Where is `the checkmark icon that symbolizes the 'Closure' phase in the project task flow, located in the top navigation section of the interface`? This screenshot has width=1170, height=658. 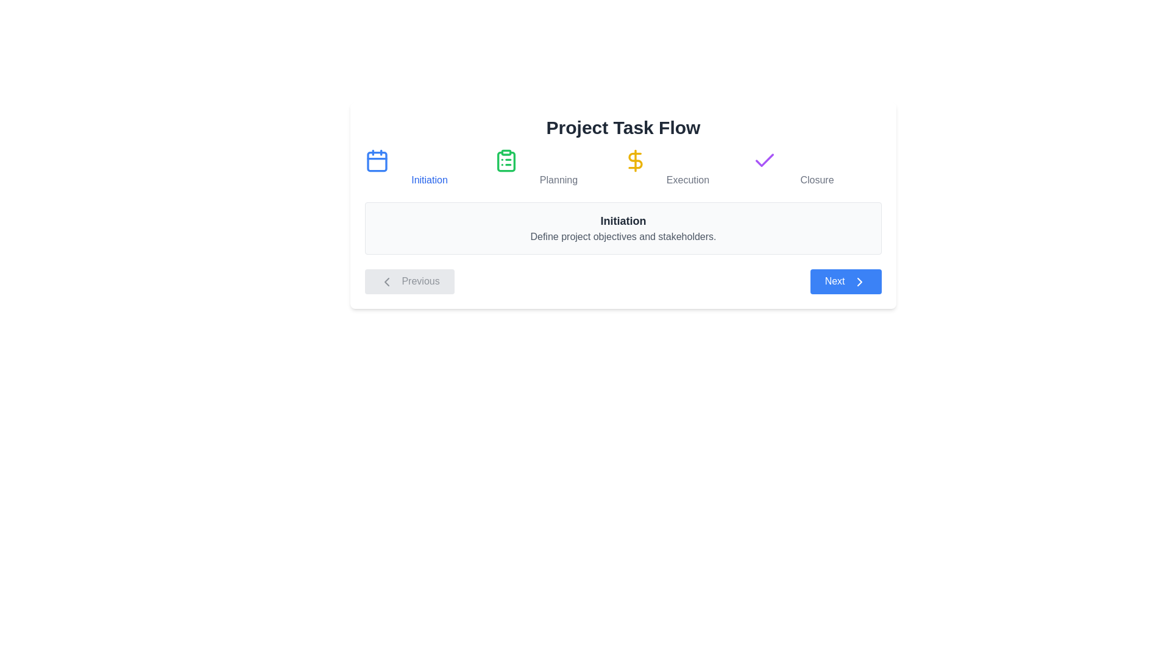 the checkmark icon that symbolizes the 'Closure' phase in the project task flow, located in the top navigation section of the interface is located at coordinates (764, 159).